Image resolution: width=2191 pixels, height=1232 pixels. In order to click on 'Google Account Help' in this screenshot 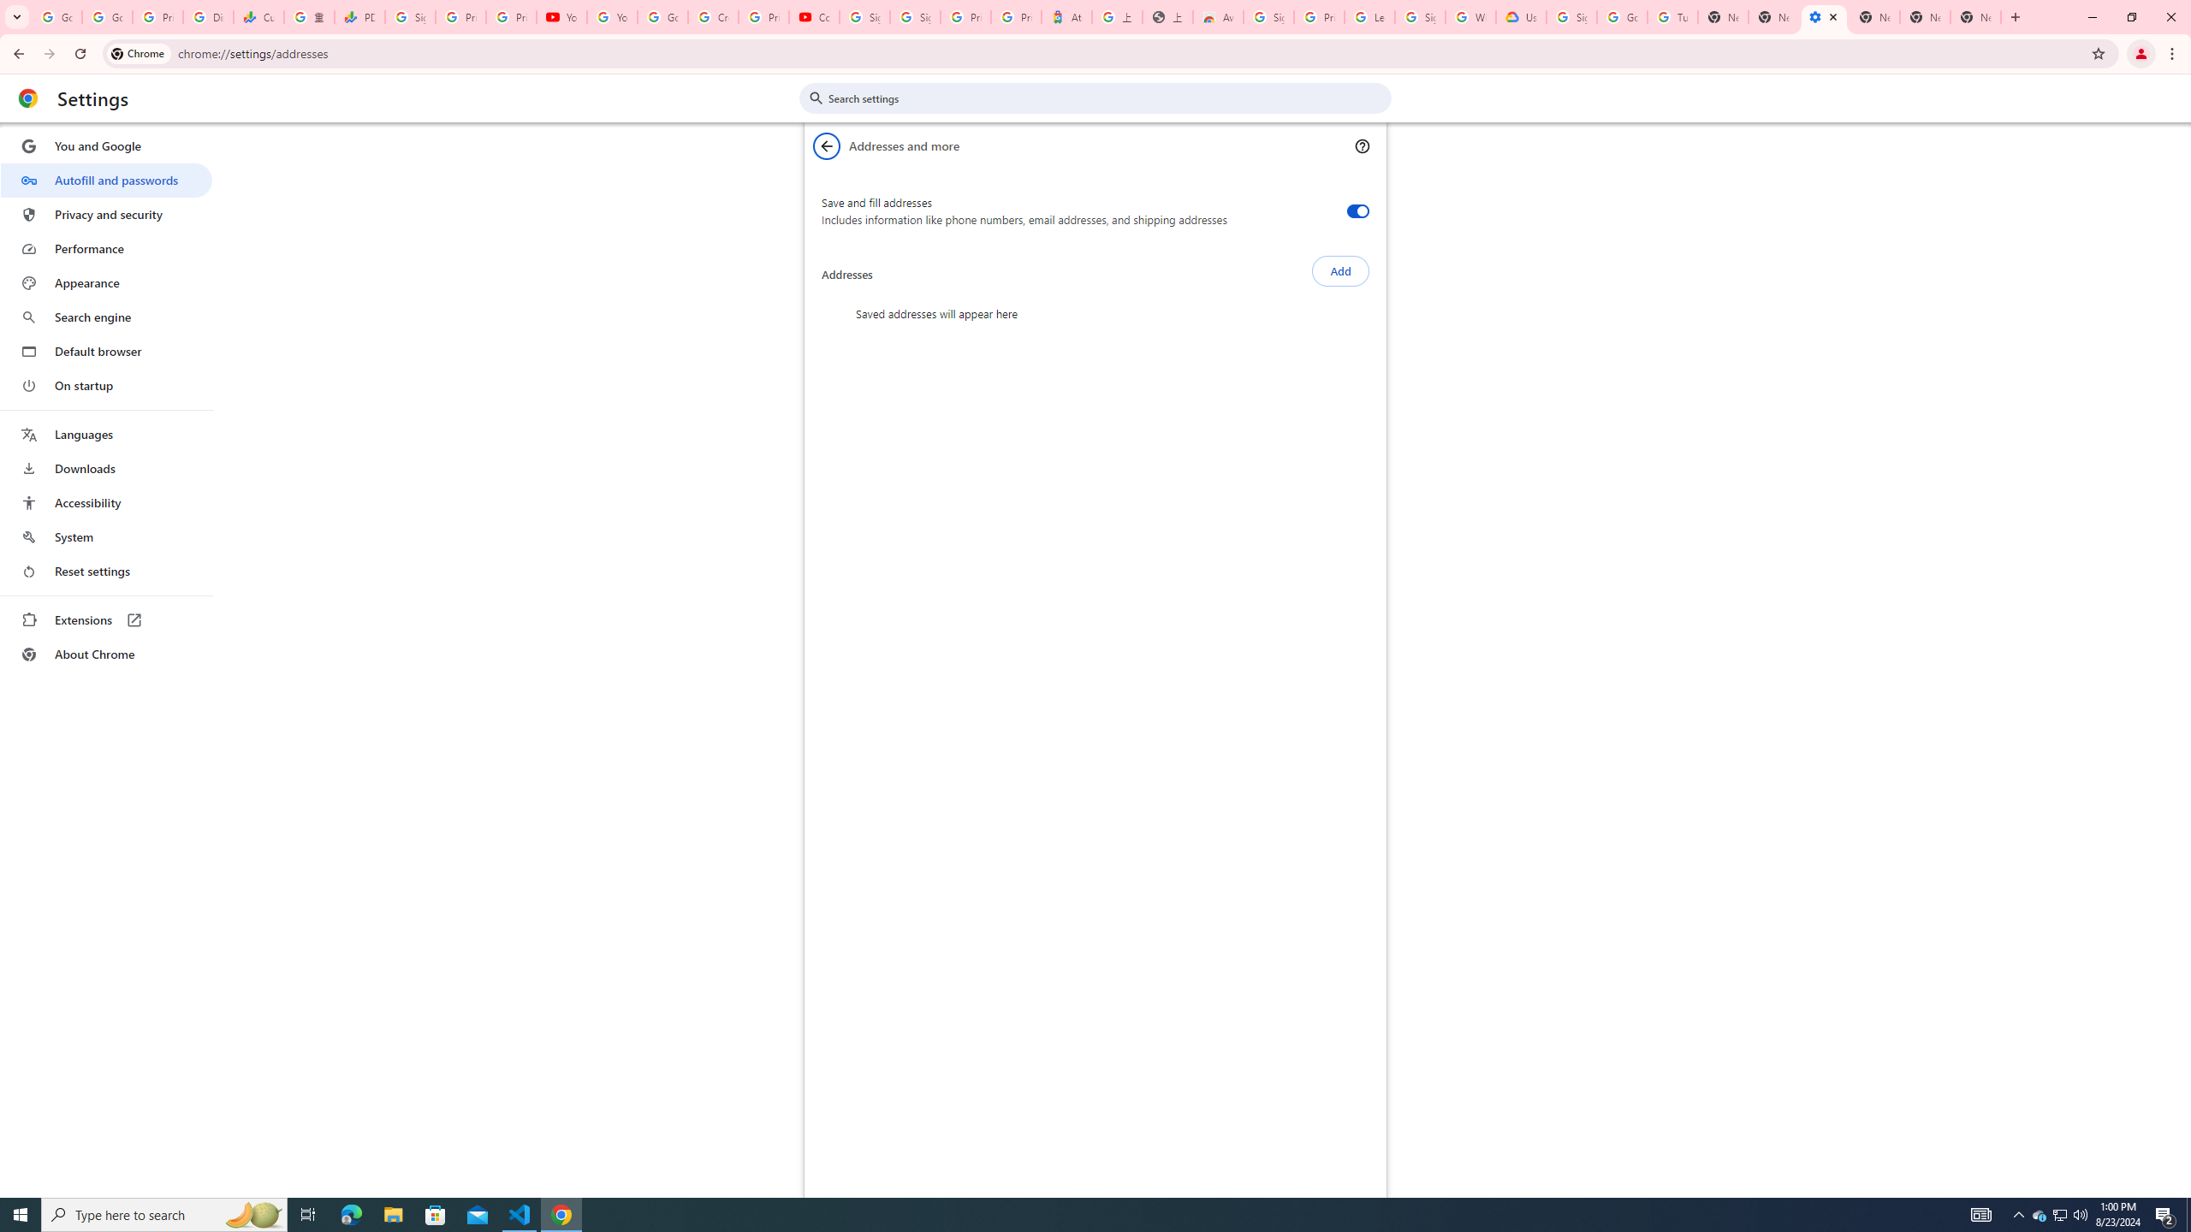, I will do `click(1620, 16)`.